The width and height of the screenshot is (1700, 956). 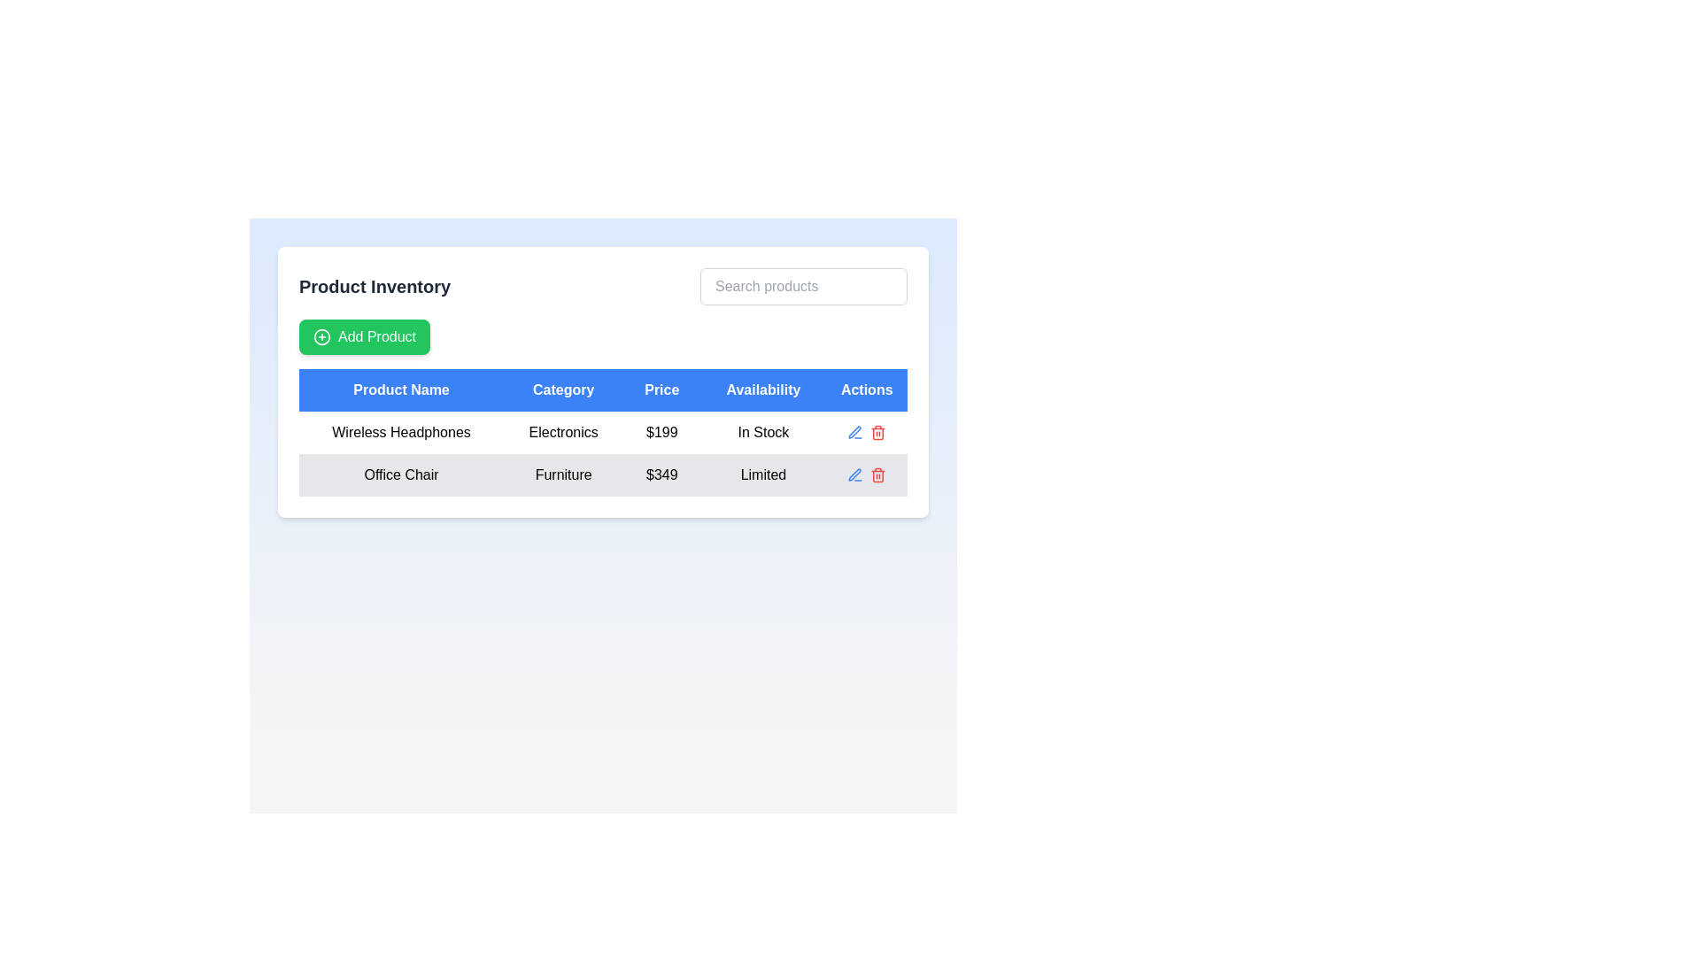 What do you see at coordinates (400, 389) in the screenshot?
I see `the Table Header Cell element labeled 'Product Name', which is the first cell in the header row of the table with a blue background and white centered text` at bounding box center [400, 389].